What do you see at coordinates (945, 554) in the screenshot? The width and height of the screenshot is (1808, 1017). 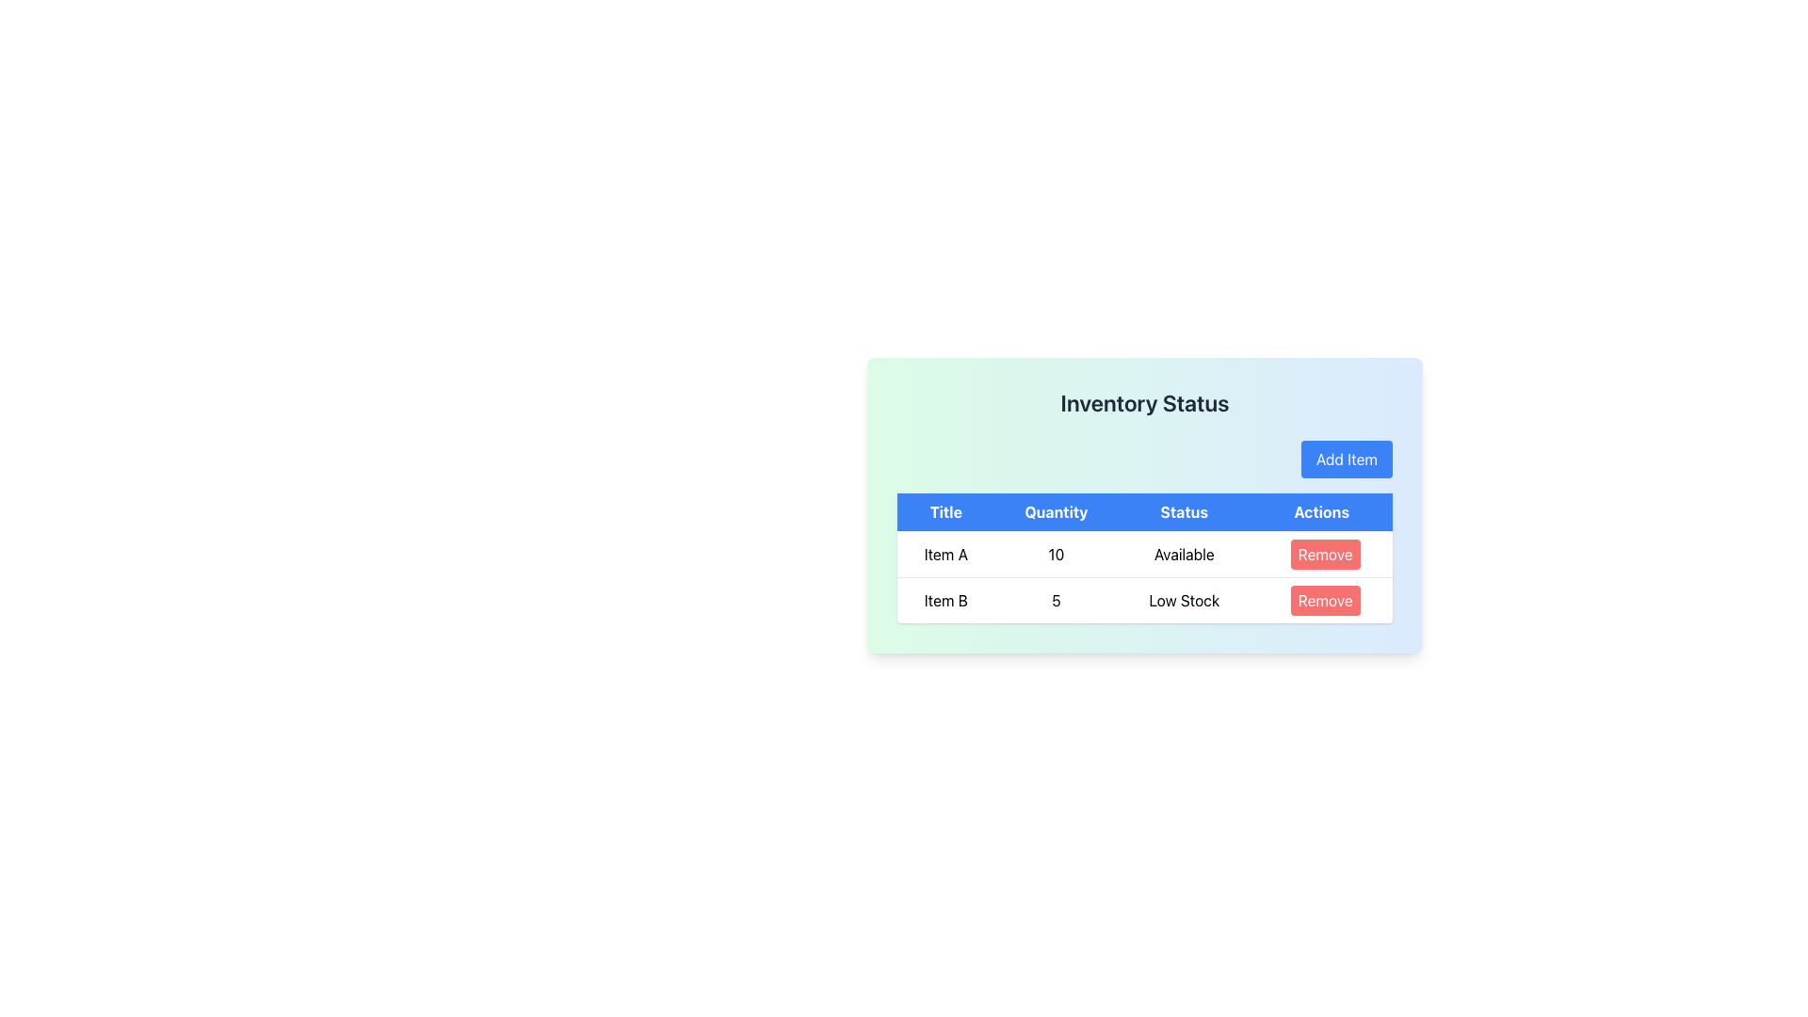 I see `the text element displaying the name or identification title of an item in the first row of the table under the 'Title' header` at bounding box center [945, 554].